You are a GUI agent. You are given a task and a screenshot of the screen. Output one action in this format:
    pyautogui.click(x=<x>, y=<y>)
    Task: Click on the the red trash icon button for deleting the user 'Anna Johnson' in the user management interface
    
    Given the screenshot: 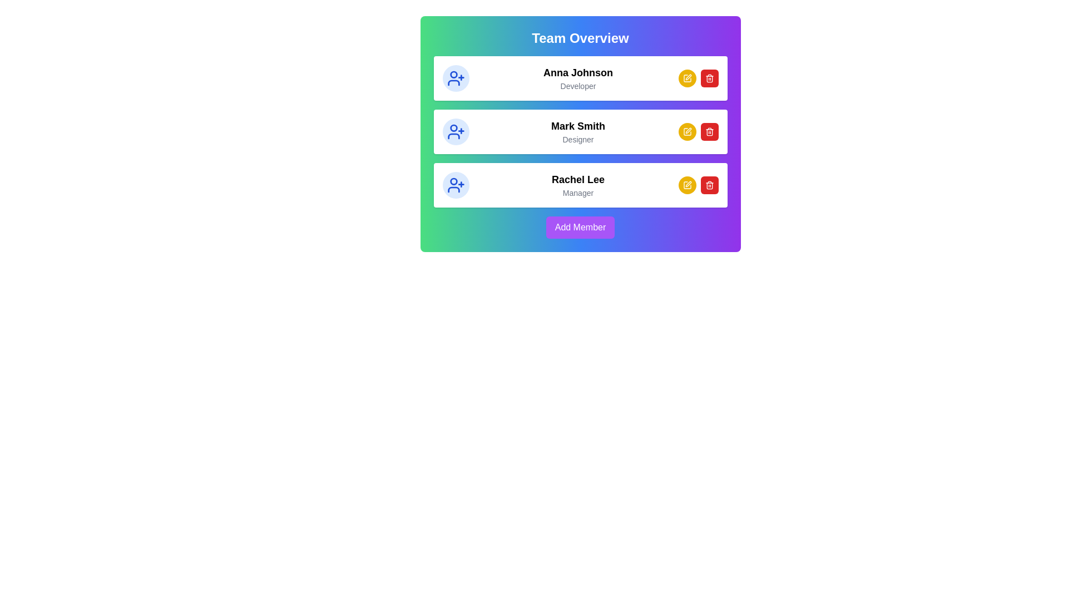 What is the action you would take?
    pyautogui.click(x=709, y=78)
    